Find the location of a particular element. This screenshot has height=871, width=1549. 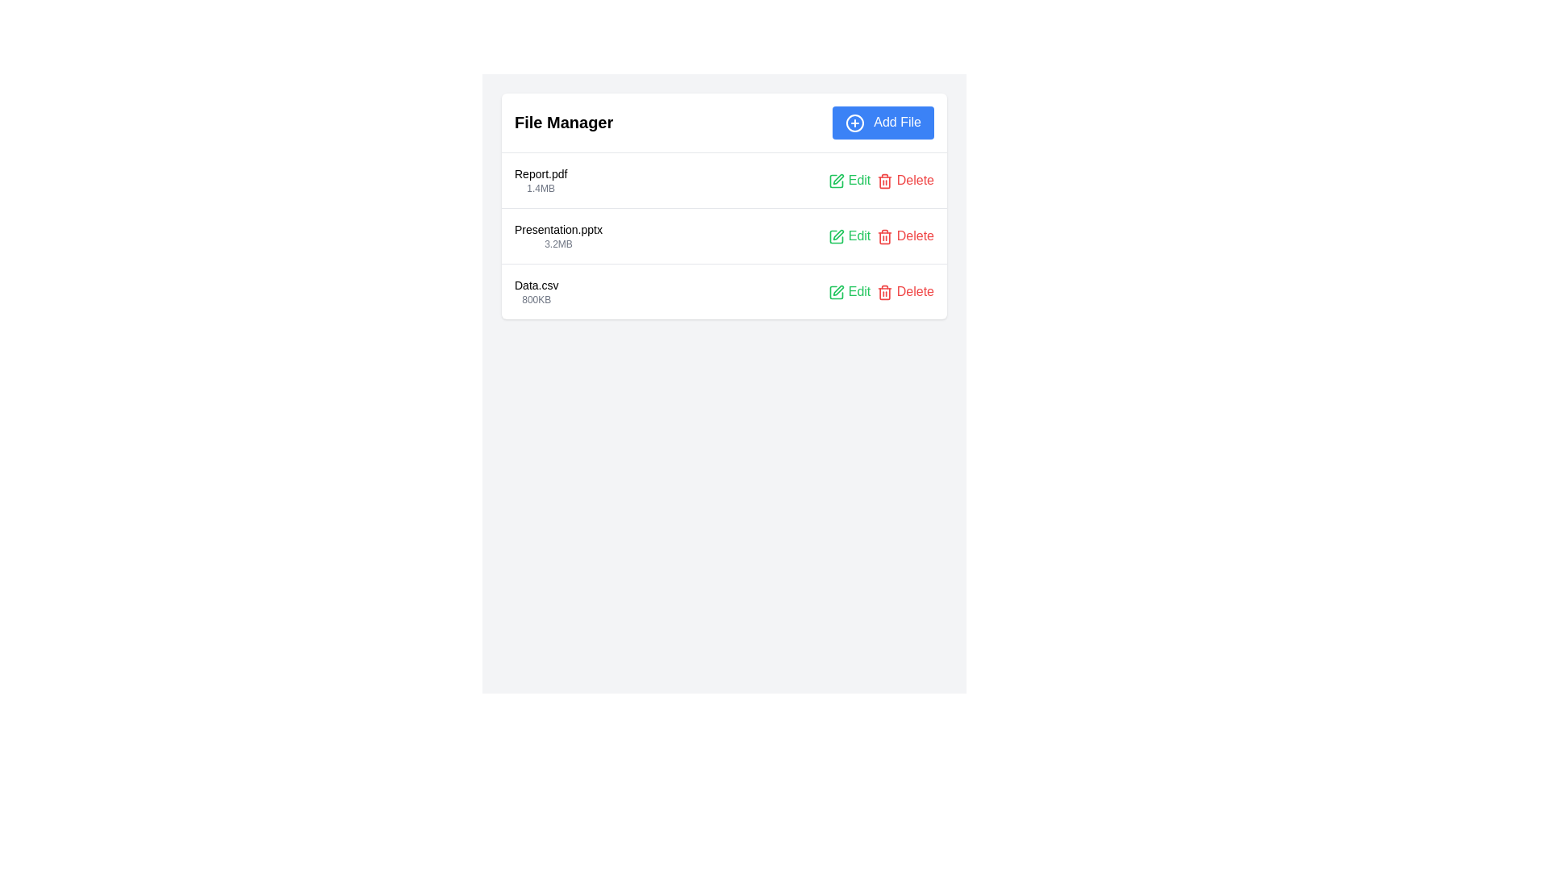

the pen-shaped icon indicating edit functionalities in the 'Edit' button associated with 'Presentation.pptx' is located at coordinates (838, 235).